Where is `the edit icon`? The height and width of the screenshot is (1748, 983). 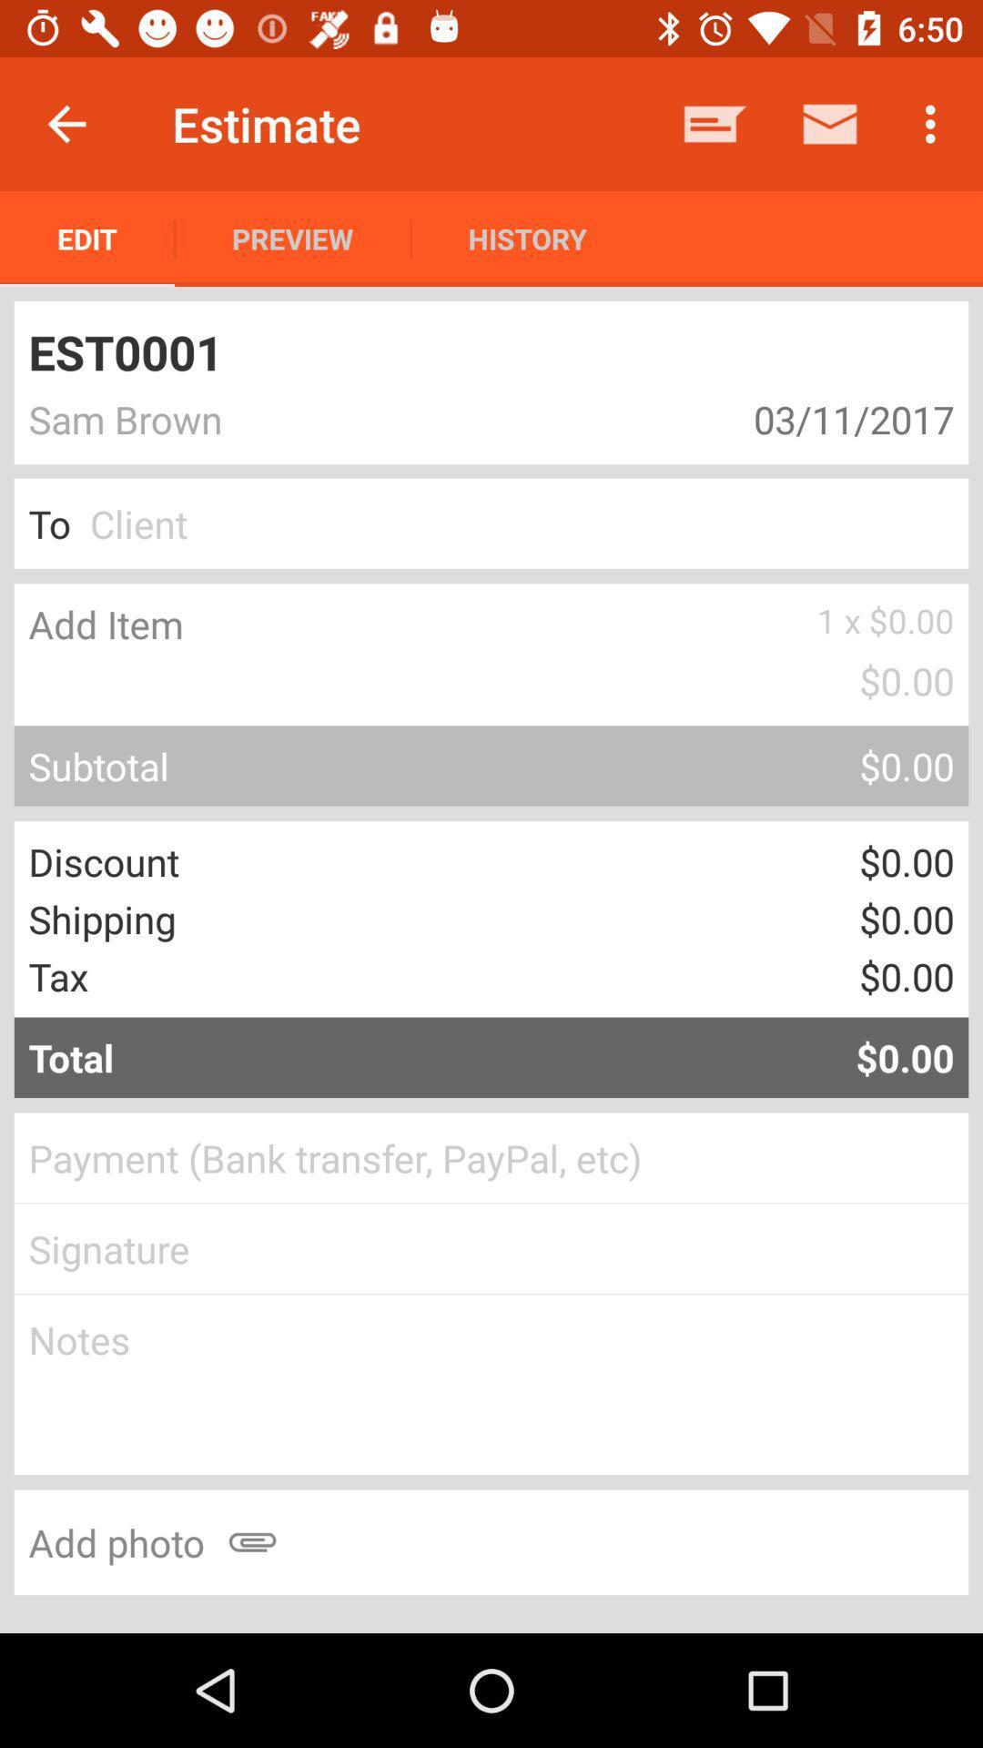 the edit icon is located at coordinates (87, 238).